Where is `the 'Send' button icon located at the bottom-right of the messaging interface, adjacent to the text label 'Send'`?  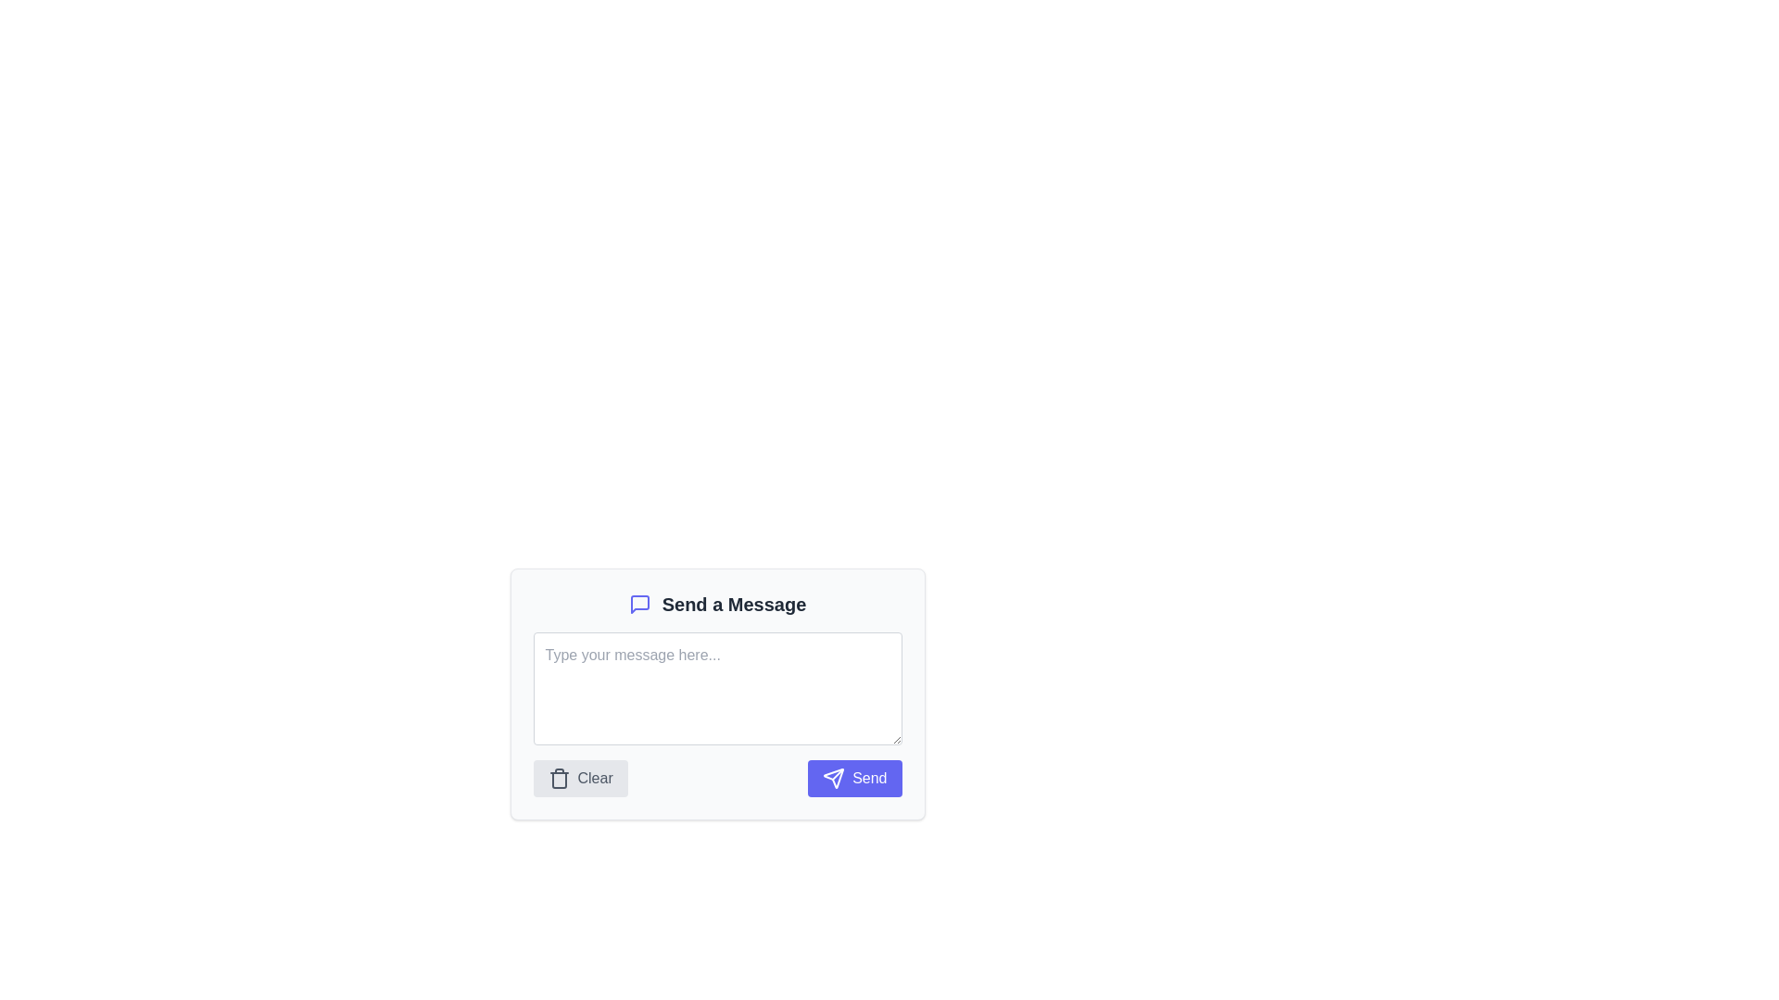
the 'Send' button icon located at the bottom-right of the messaging interface, adjacent to the text label 'Send' is located at coordinates (833, 778).